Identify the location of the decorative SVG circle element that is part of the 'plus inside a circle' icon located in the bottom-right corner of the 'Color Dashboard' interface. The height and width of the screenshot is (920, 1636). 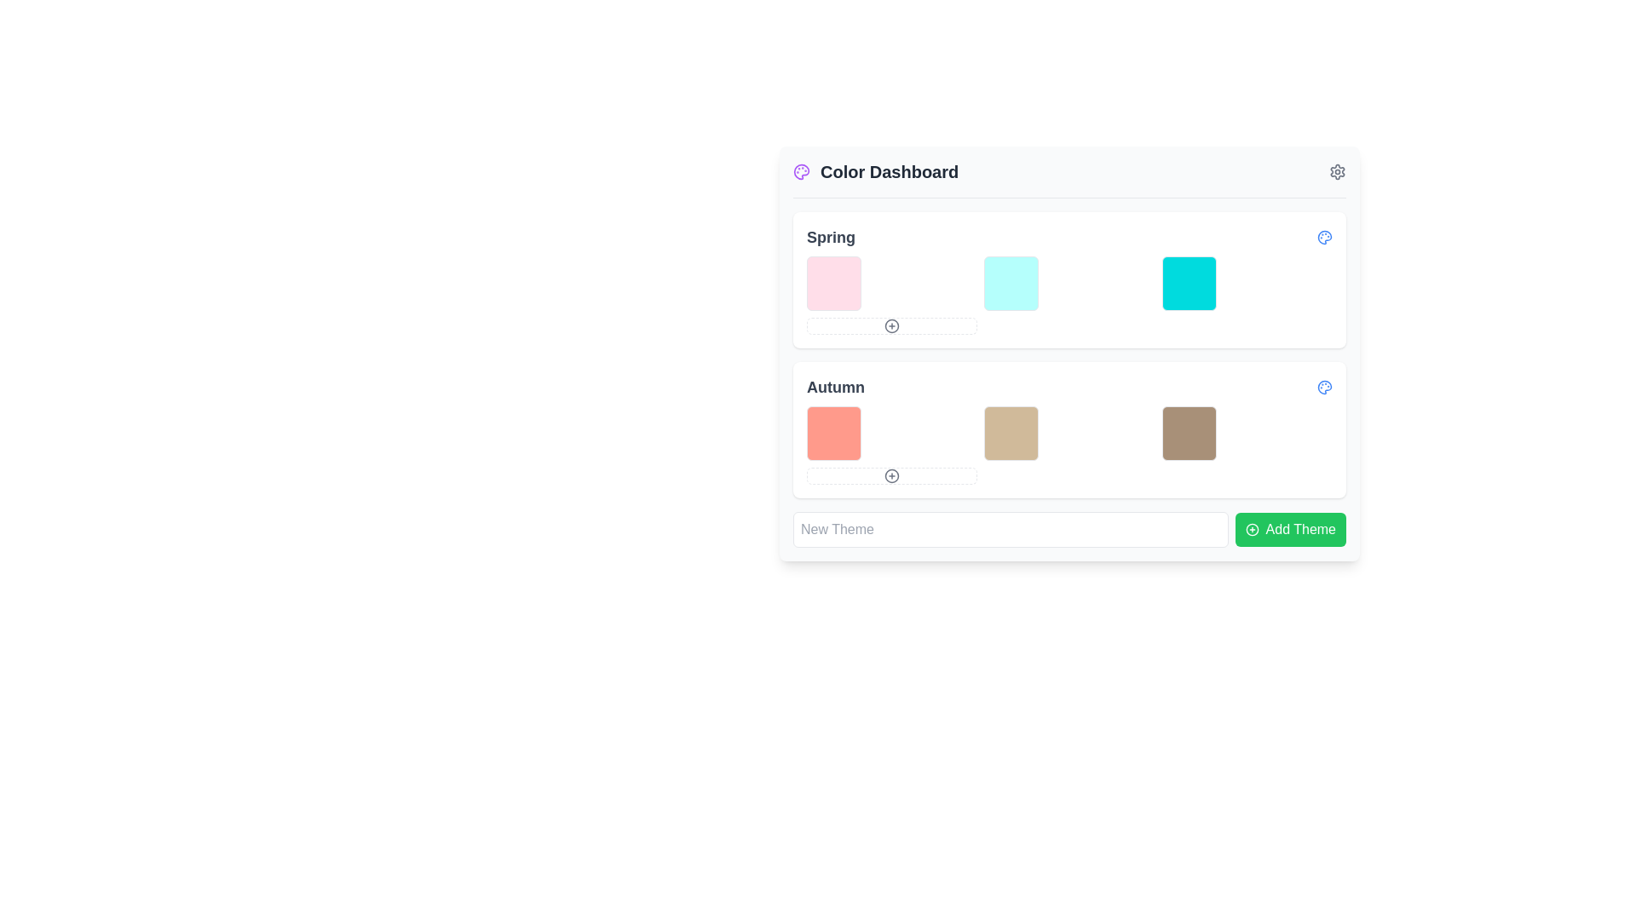
(1252, 528).